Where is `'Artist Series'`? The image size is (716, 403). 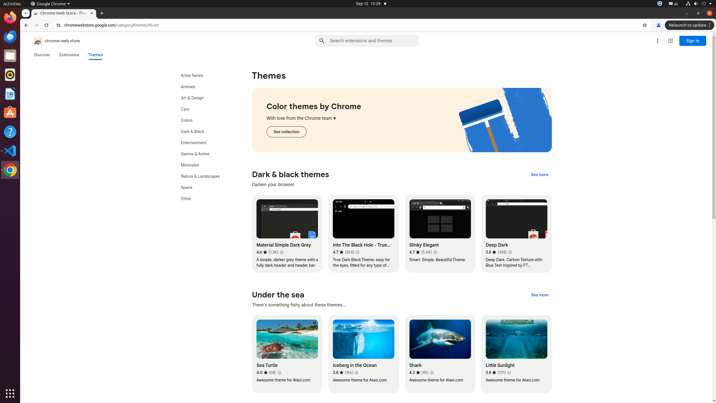
'Artist Series' is located at coordinates (206, 75).